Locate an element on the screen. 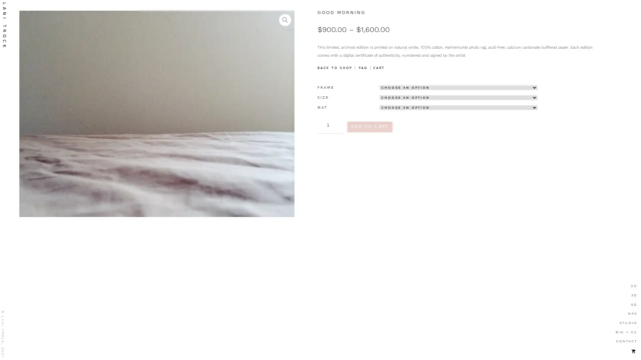 The image size is (641, 360). ADD TO CART is located at coordinates (369, 127).